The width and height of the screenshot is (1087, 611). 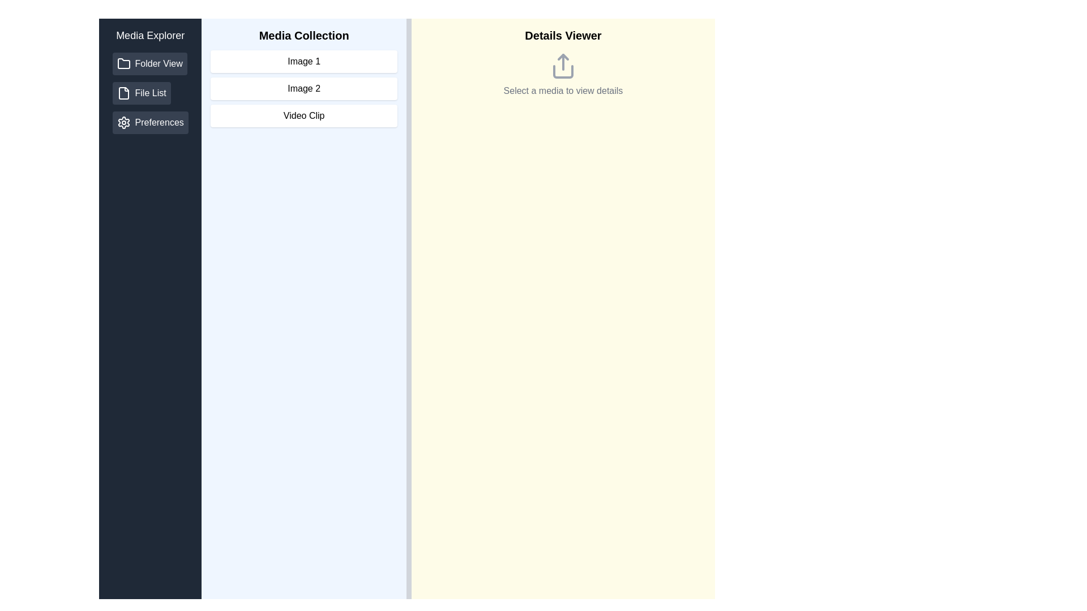 I want to click on the selectable list item labeled 'Image 2', so click(x=304, y=88).